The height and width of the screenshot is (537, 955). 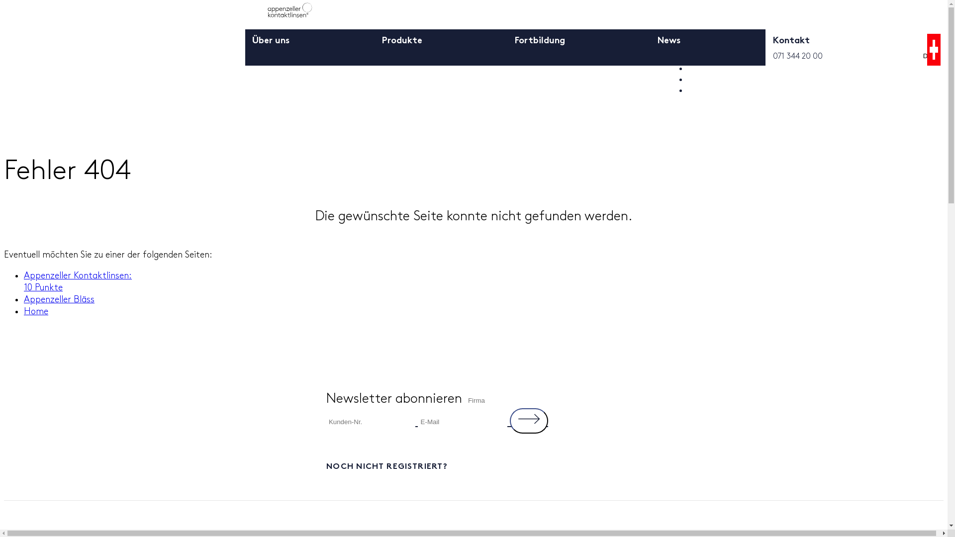 I want to click on 'LOGIN', so click(x=702, y=58).